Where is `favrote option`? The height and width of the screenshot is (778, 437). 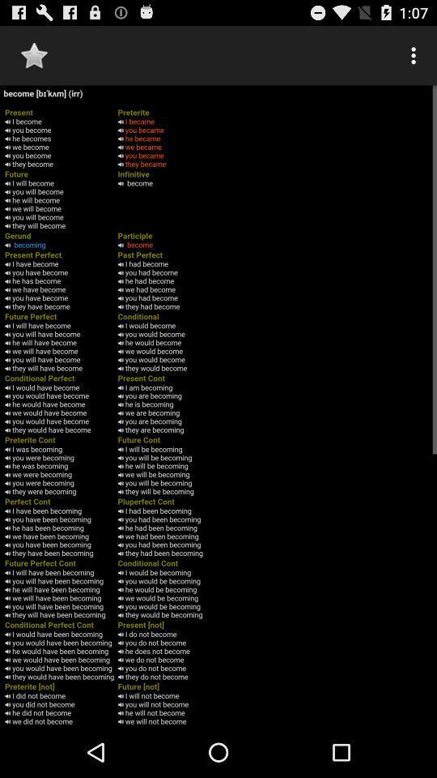
favrote option is located at coordinates (34, 55).